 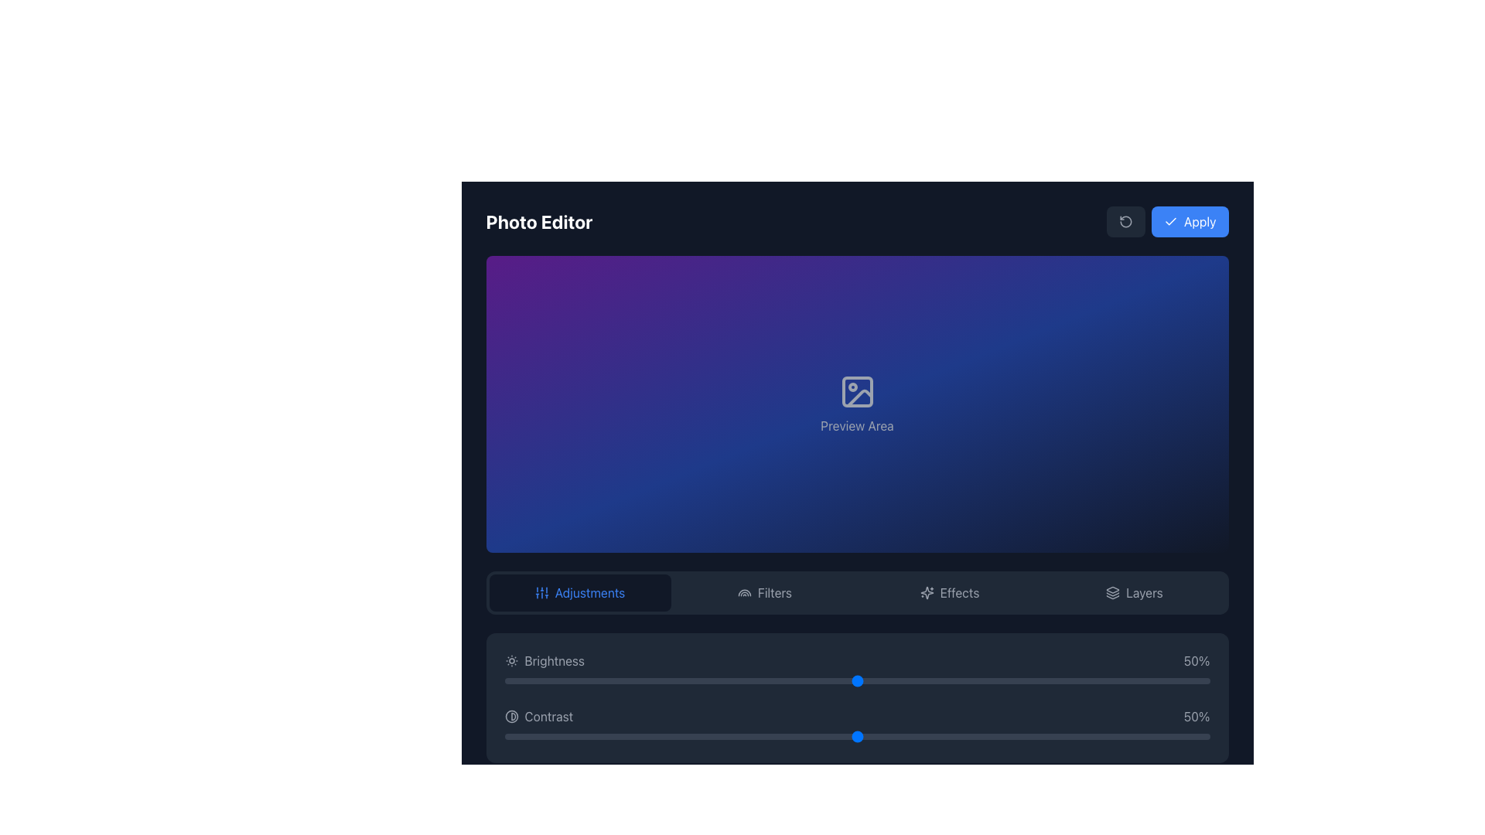 I want to click on the 'Layers' button, which features a gray icon of stacked layers on the left and text on the right, so click(x=1135, y=592).